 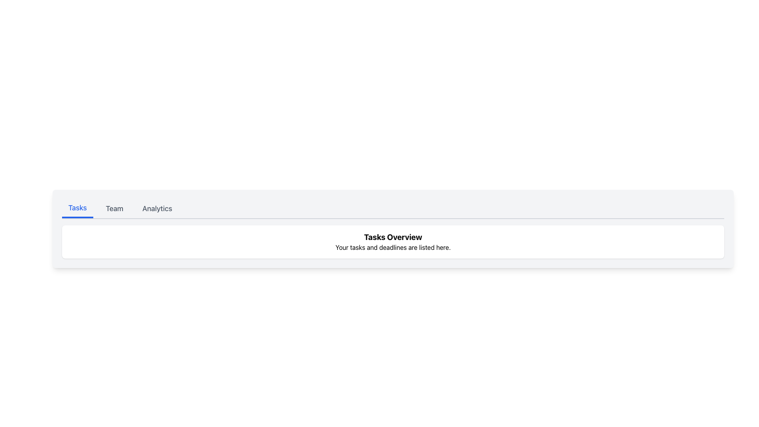 I want to click on the 'Tasks' tab, which is the first tab in a horizontal navigation bar with blue text and a blue underline, so click(x=77, y=208).